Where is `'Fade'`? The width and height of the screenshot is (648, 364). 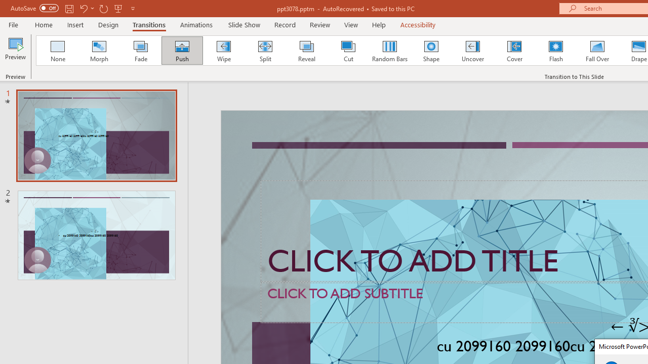
'Fade' is located at coordinates (140, 51).